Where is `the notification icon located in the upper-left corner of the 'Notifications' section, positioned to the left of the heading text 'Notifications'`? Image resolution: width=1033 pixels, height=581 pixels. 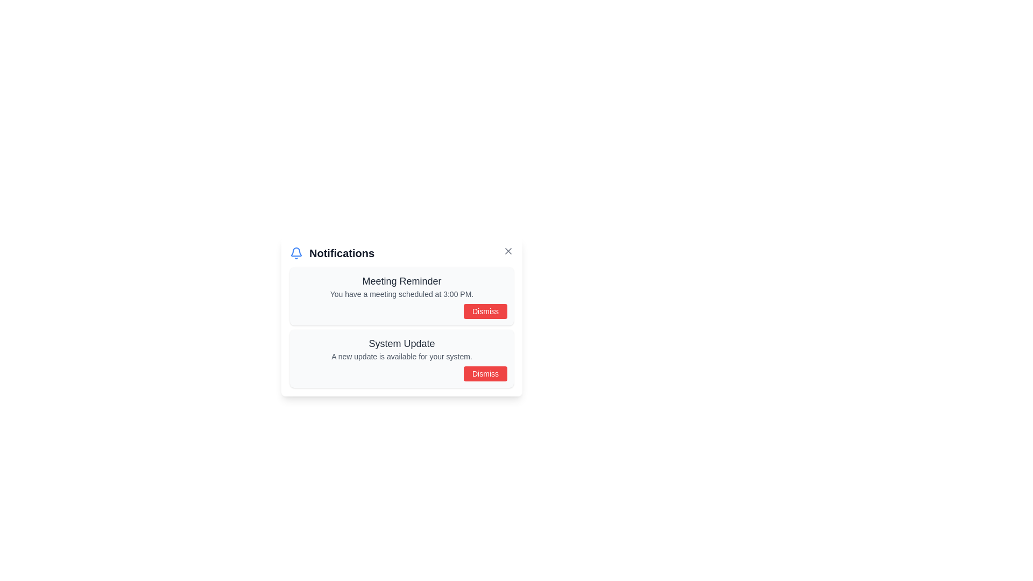 the notification icon located in the upper-left corner of the 'Notifications' section, positioned to the left of the heading text 'Notifications' is located at coordinates (296, 253).